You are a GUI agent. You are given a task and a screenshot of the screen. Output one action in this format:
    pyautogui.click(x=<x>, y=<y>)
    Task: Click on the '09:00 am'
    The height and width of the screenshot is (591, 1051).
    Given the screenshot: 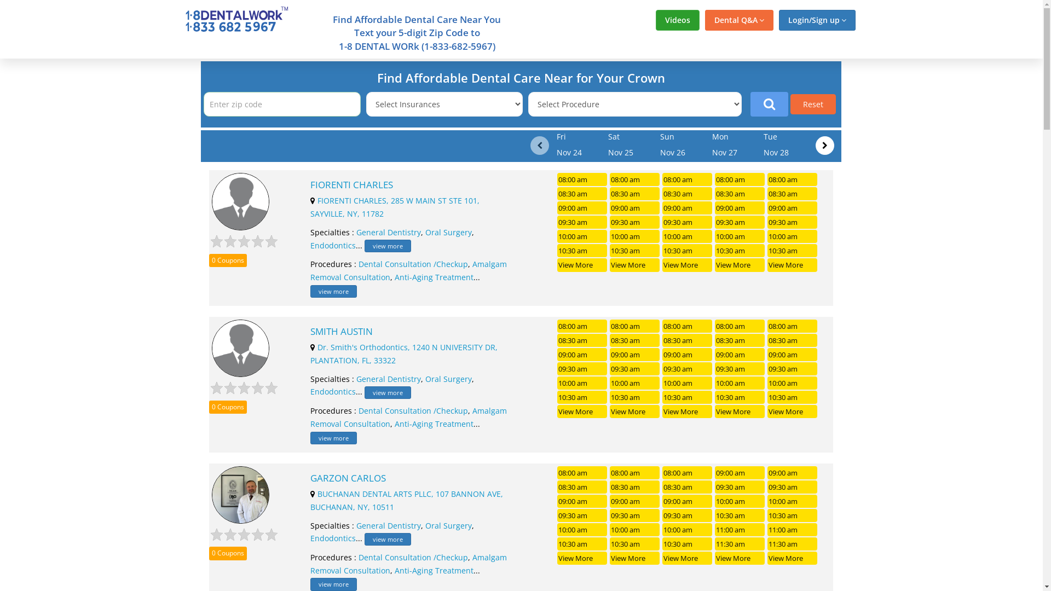 What is the action you would take?
    pyautogui.click(x=686, y=208)
    